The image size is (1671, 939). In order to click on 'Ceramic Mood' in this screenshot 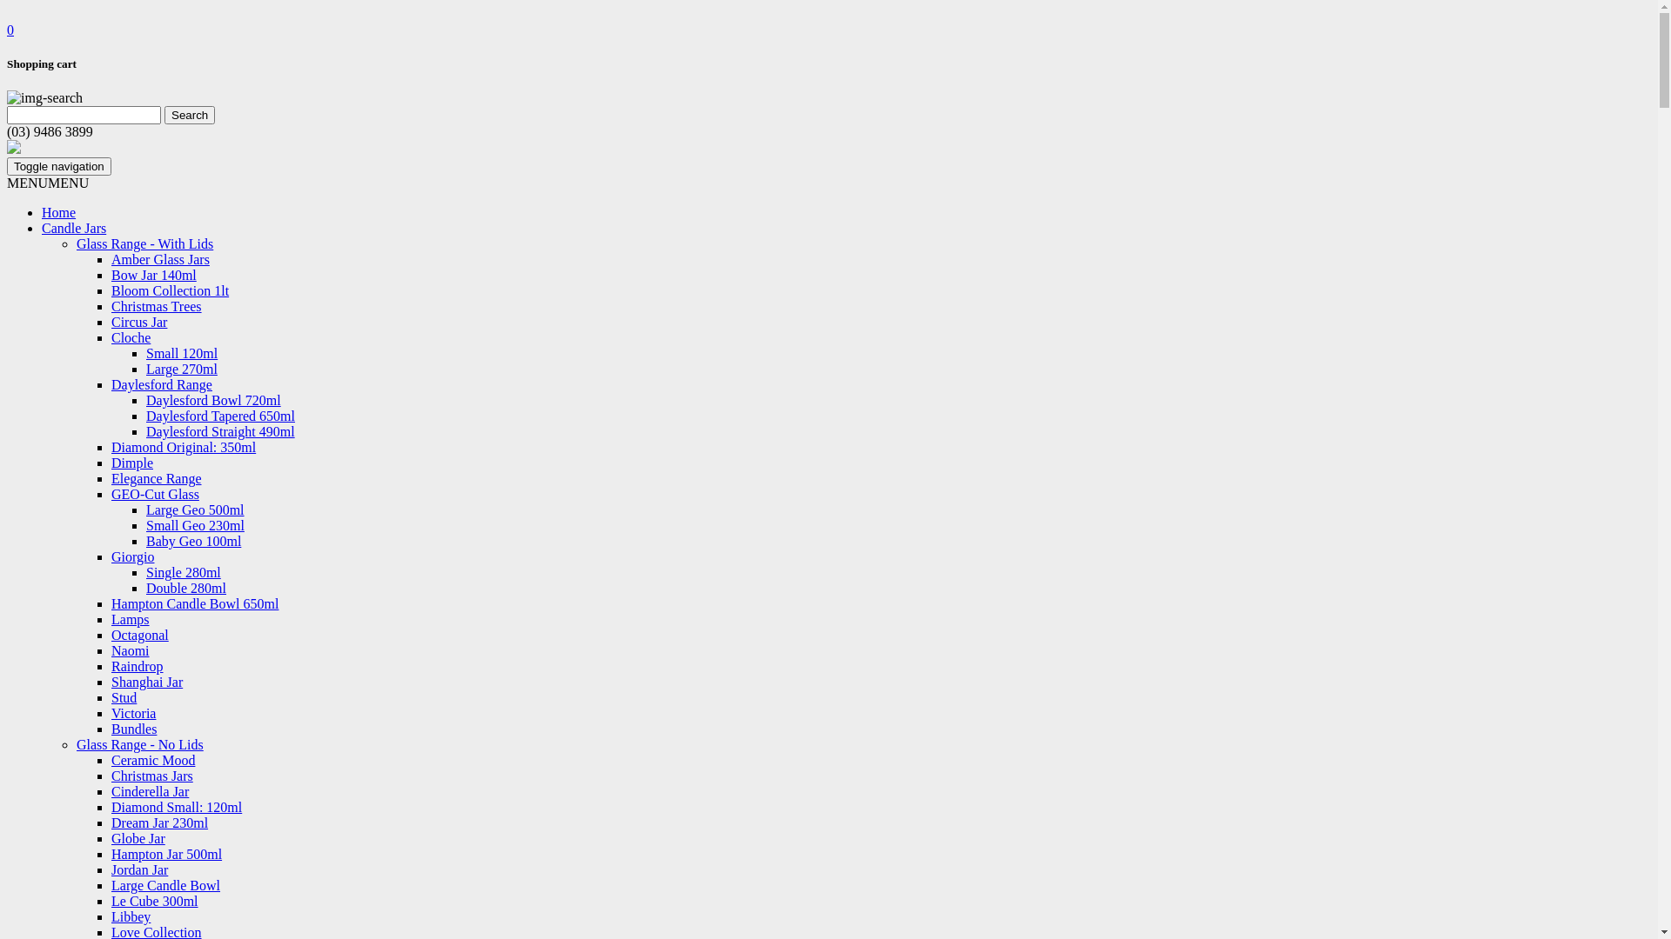, I will do `click(153, 759)`.